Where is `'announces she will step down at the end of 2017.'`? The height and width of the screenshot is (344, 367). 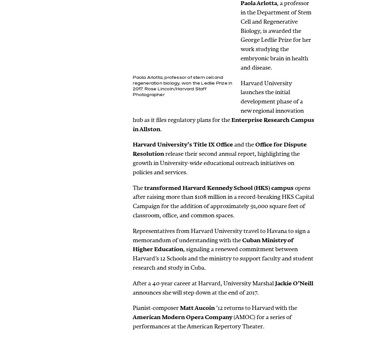 'announces she will step down at the end of 2017.' is located at coordinates (132, 292).